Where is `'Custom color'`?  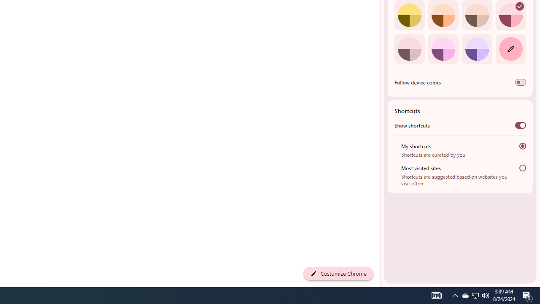 'Custom color' is located at coordinates (510, 49).